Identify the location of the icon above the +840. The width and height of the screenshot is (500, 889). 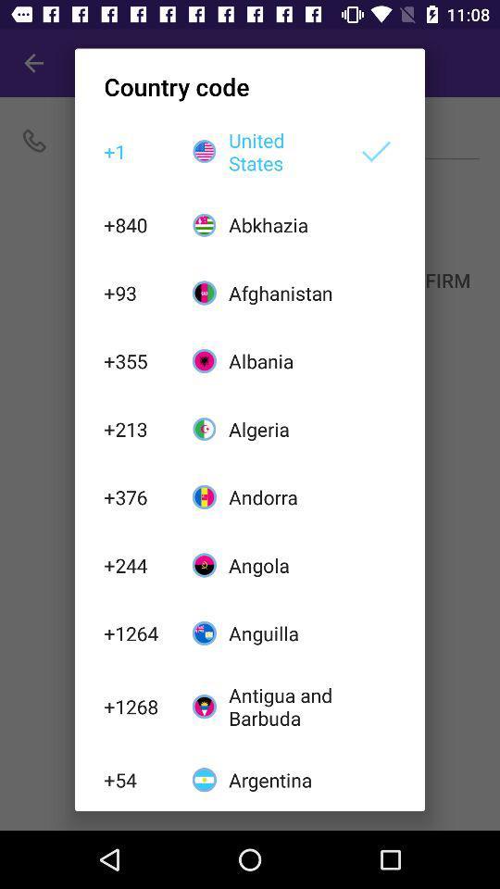
(137, 150).